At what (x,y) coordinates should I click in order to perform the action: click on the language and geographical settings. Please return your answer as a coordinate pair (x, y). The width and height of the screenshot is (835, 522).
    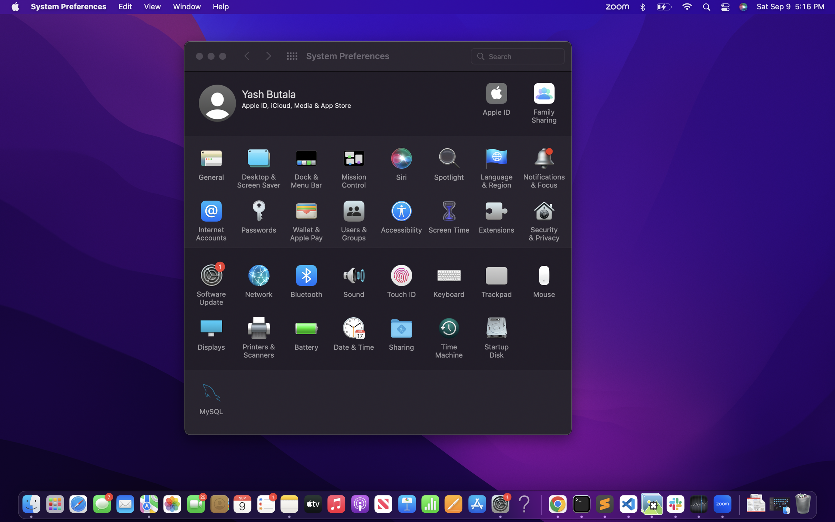
    Looking at the image, I should click on (497, 168).